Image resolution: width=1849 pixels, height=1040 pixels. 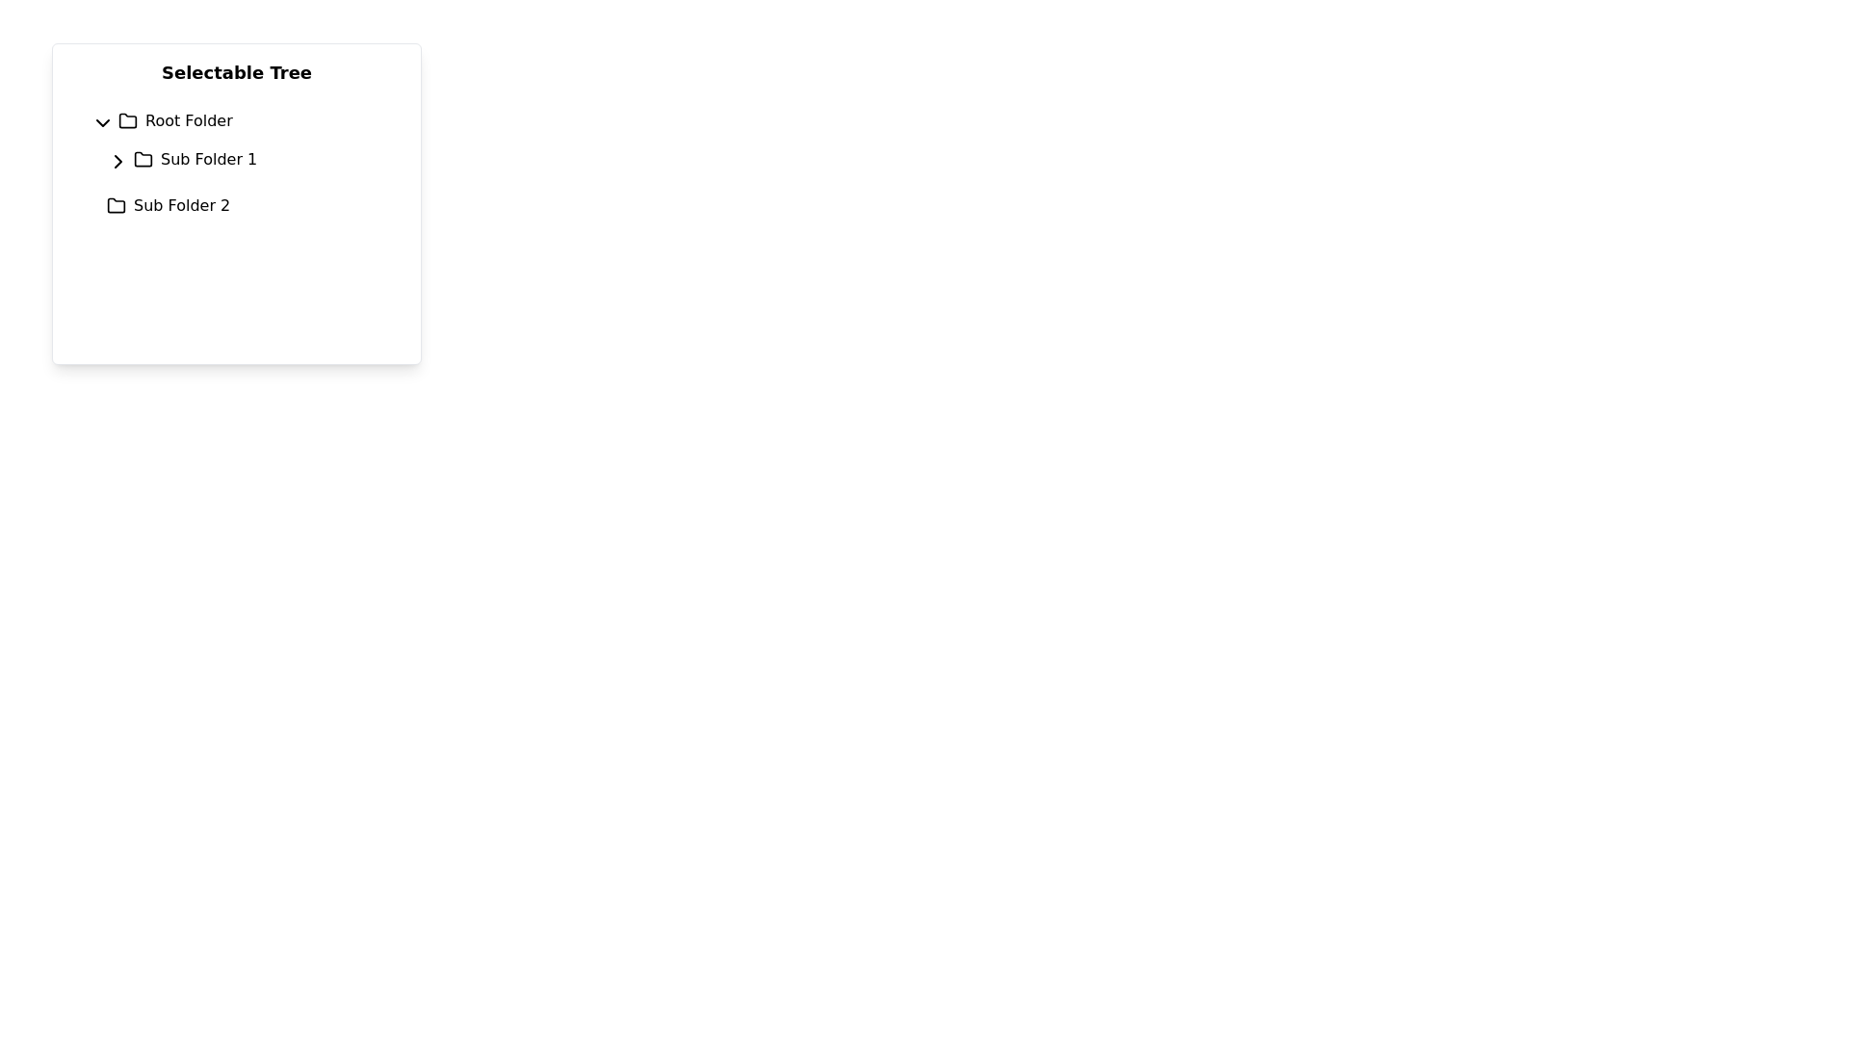 What do you see at coordinates (189, 121) in the screenshot?
I see `the 'Root Folder' text label` at bounding box center [189, 121].